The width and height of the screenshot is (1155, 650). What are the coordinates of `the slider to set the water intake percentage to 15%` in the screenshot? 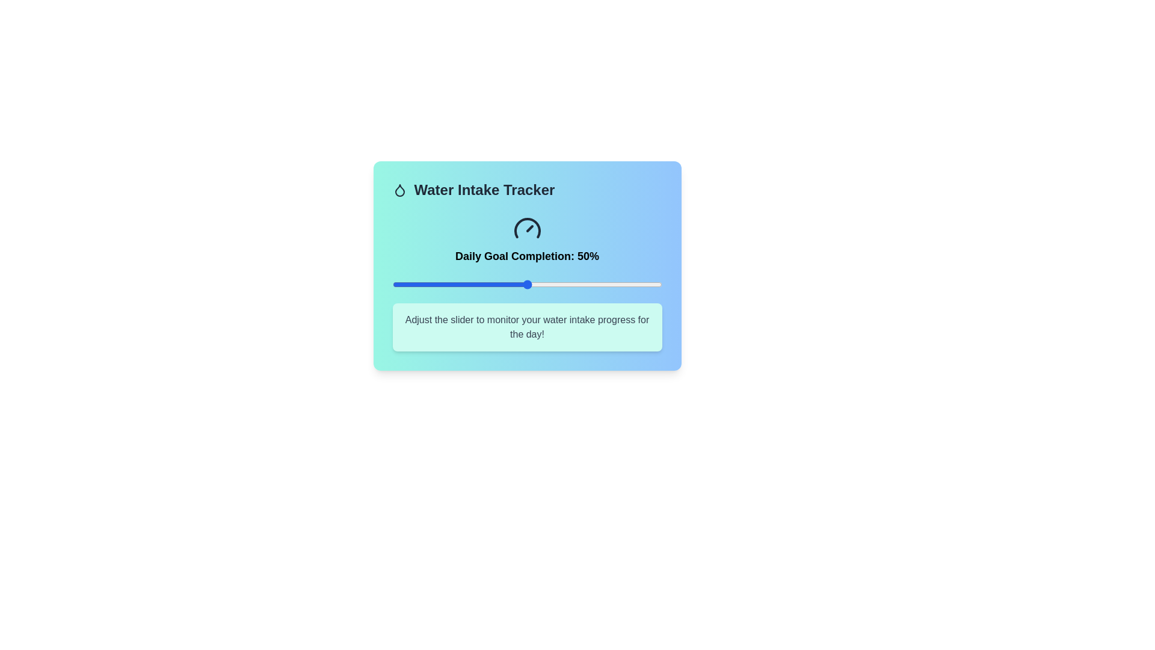 It's located at (433, 285).